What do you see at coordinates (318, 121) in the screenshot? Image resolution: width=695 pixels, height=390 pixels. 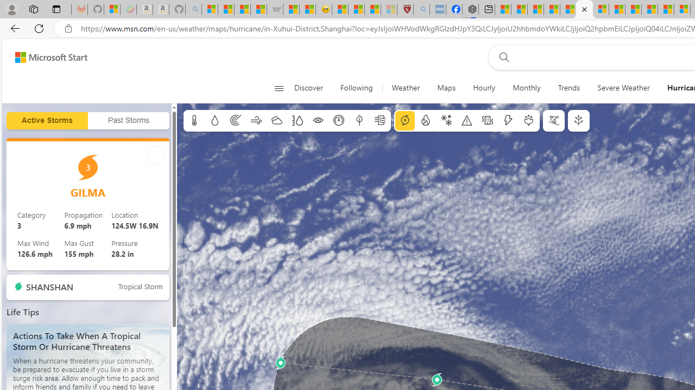 I see `'Visibility'` at bounding box center [318, 121].